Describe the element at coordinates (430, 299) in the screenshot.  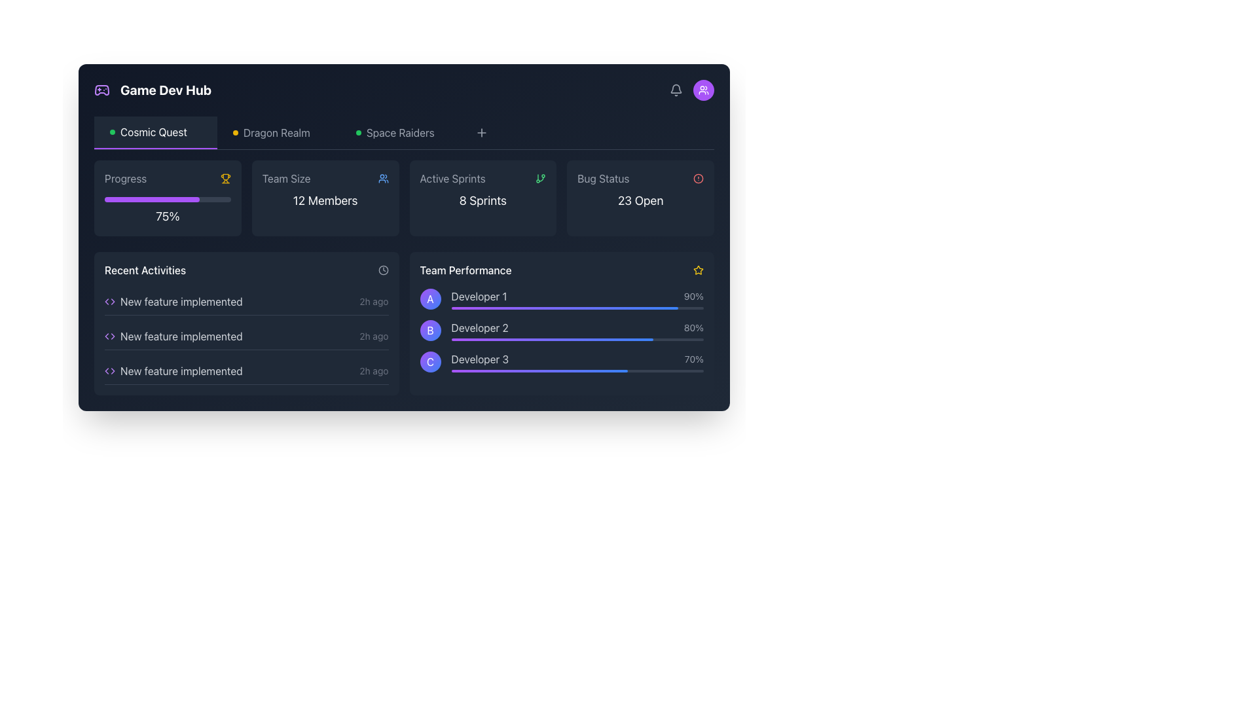
I see `the circular Avatar icon with a gradient background transitioning from purple to blue, containing a white letter 'A', located in the 'Team Performance' section` at that location.